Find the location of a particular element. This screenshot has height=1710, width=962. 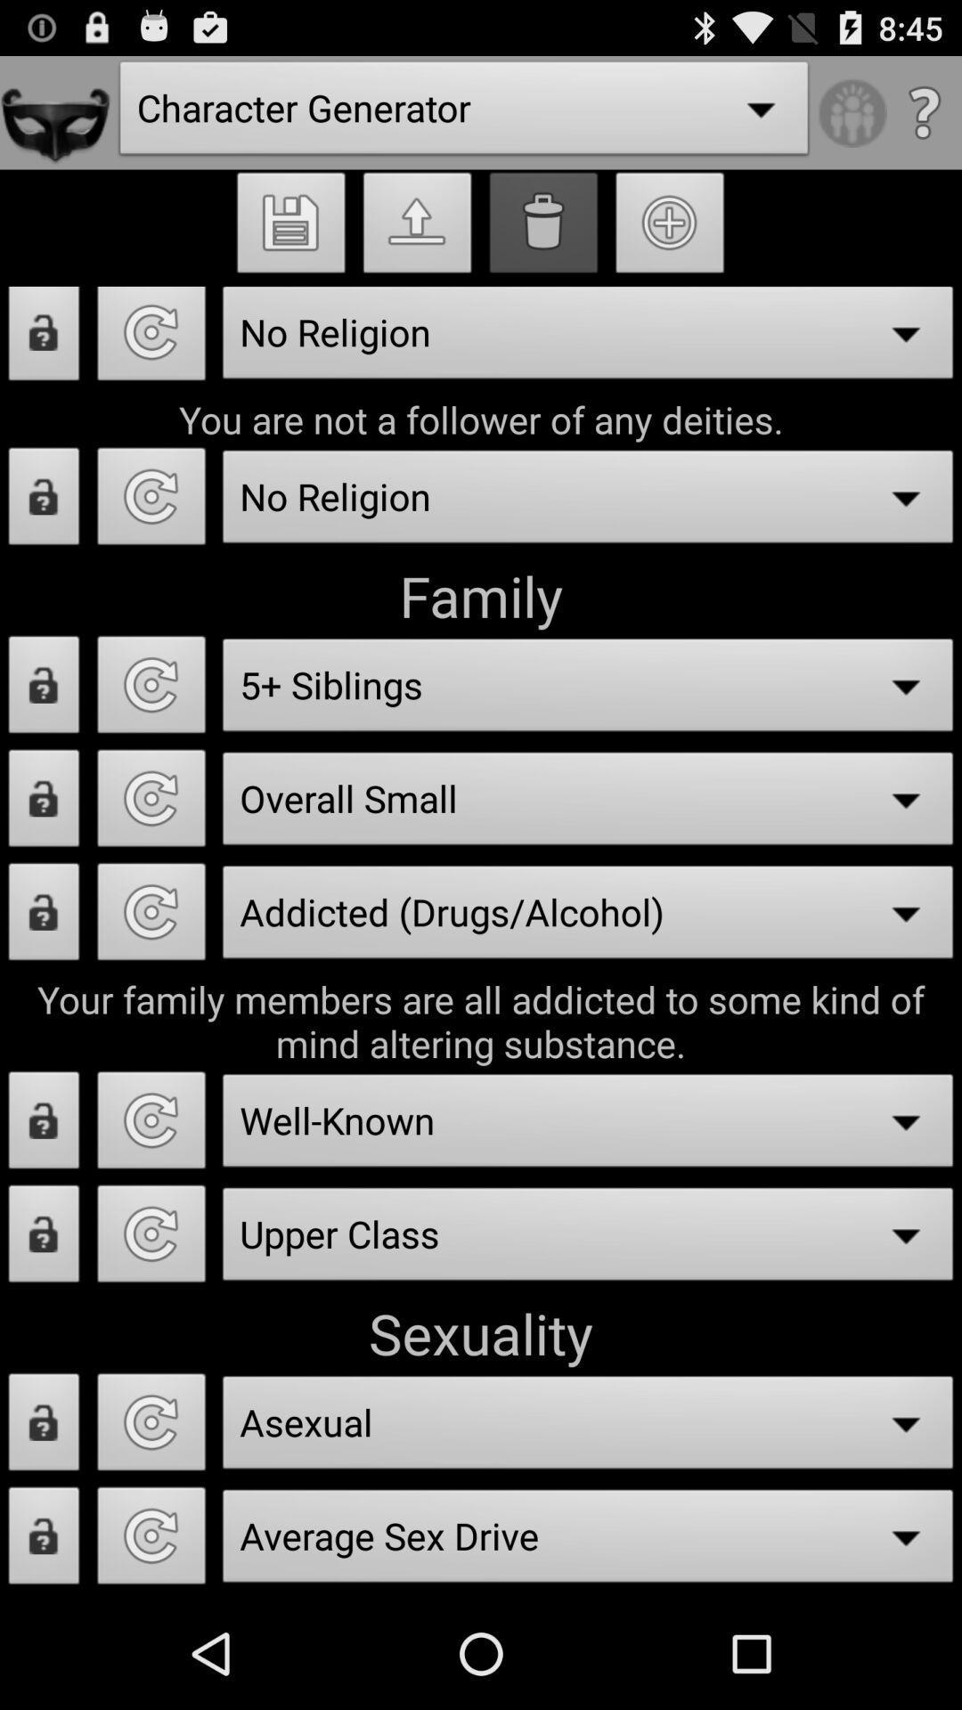

go back is located at coordinates (151, 1238).